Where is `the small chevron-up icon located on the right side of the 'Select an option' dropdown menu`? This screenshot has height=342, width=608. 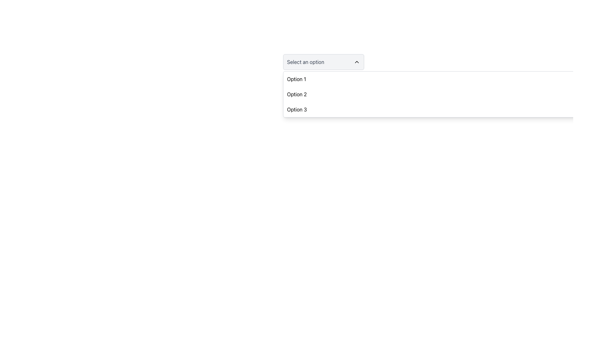
the small chevron-up icon located on the right side of the 'Select an option' dropdown menu is located at coordinates (357, 62).